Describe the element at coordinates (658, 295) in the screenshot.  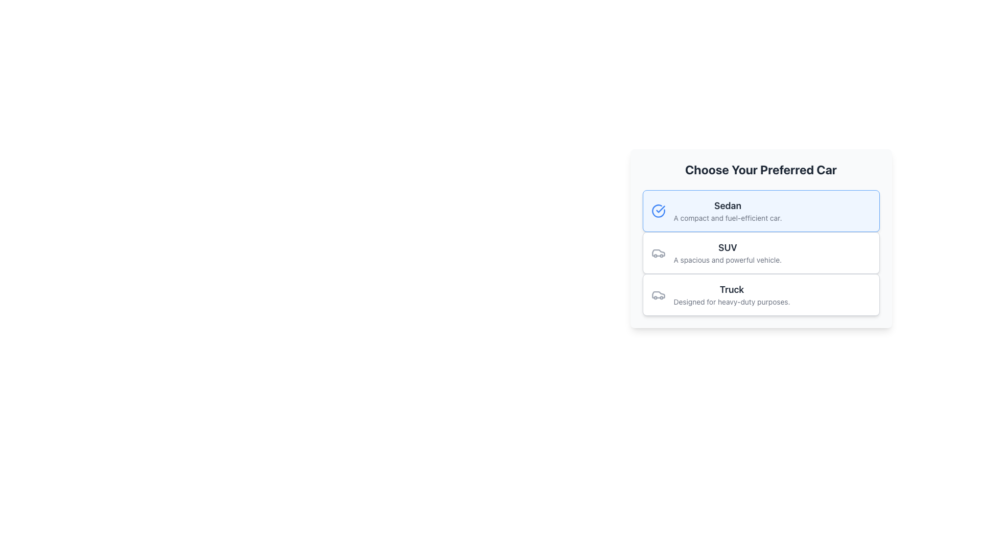
I see `the car icon located on the left side of the text content in the card labeled 'Truck Designed for heavy-duty purposes', aligning horizontally with the title 'Truck'` at that location.